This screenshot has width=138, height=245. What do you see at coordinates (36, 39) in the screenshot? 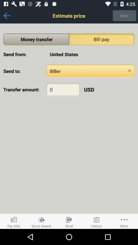
I see `the item above the send from:` at bounding box center [36, 39].